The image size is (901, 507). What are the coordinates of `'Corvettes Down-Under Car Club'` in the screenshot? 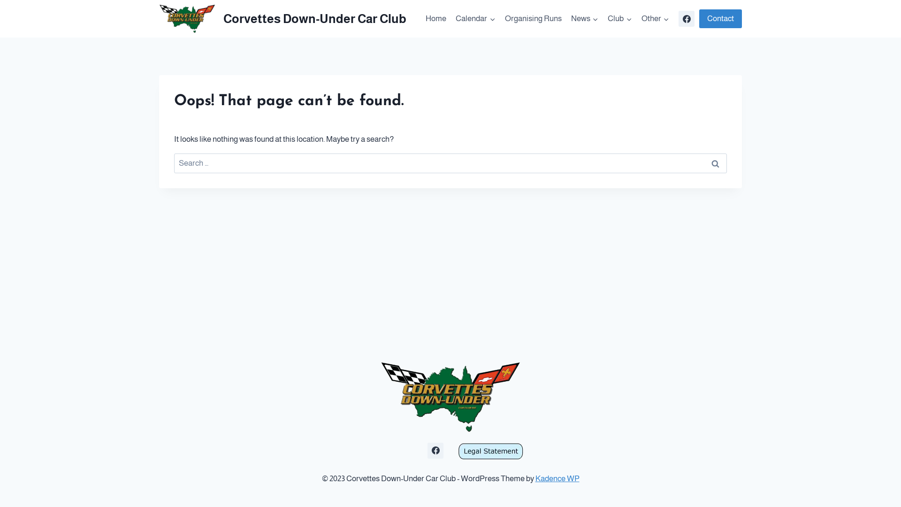 It's located at (282, 18).